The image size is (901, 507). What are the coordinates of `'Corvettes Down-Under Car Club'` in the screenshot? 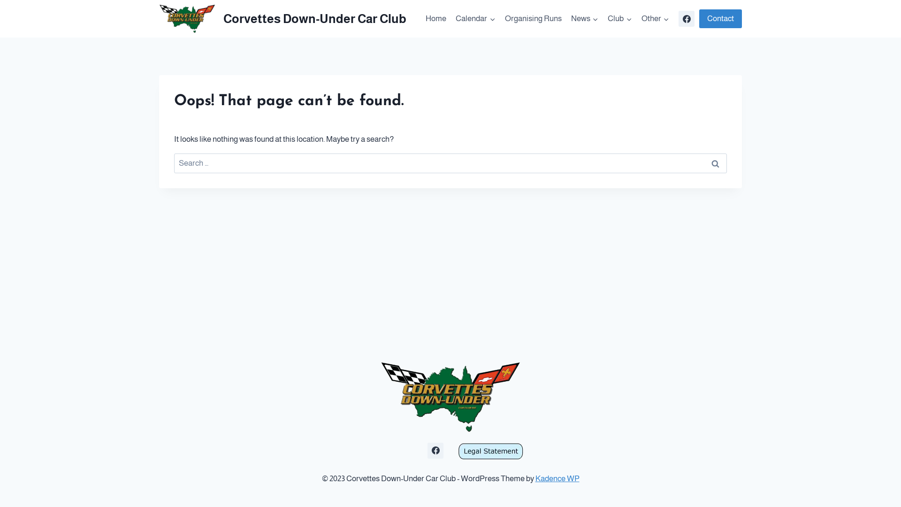 It's located at (282, 18).